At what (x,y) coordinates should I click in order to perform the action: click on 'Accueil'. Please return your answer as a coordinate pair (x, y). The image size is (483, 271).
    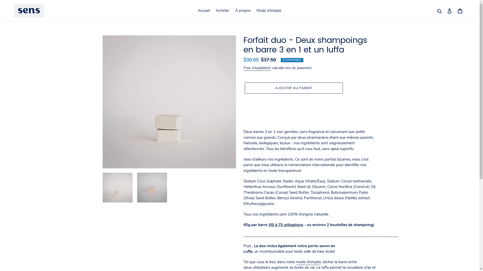
    Looking at the image, I should click on (204, 11).